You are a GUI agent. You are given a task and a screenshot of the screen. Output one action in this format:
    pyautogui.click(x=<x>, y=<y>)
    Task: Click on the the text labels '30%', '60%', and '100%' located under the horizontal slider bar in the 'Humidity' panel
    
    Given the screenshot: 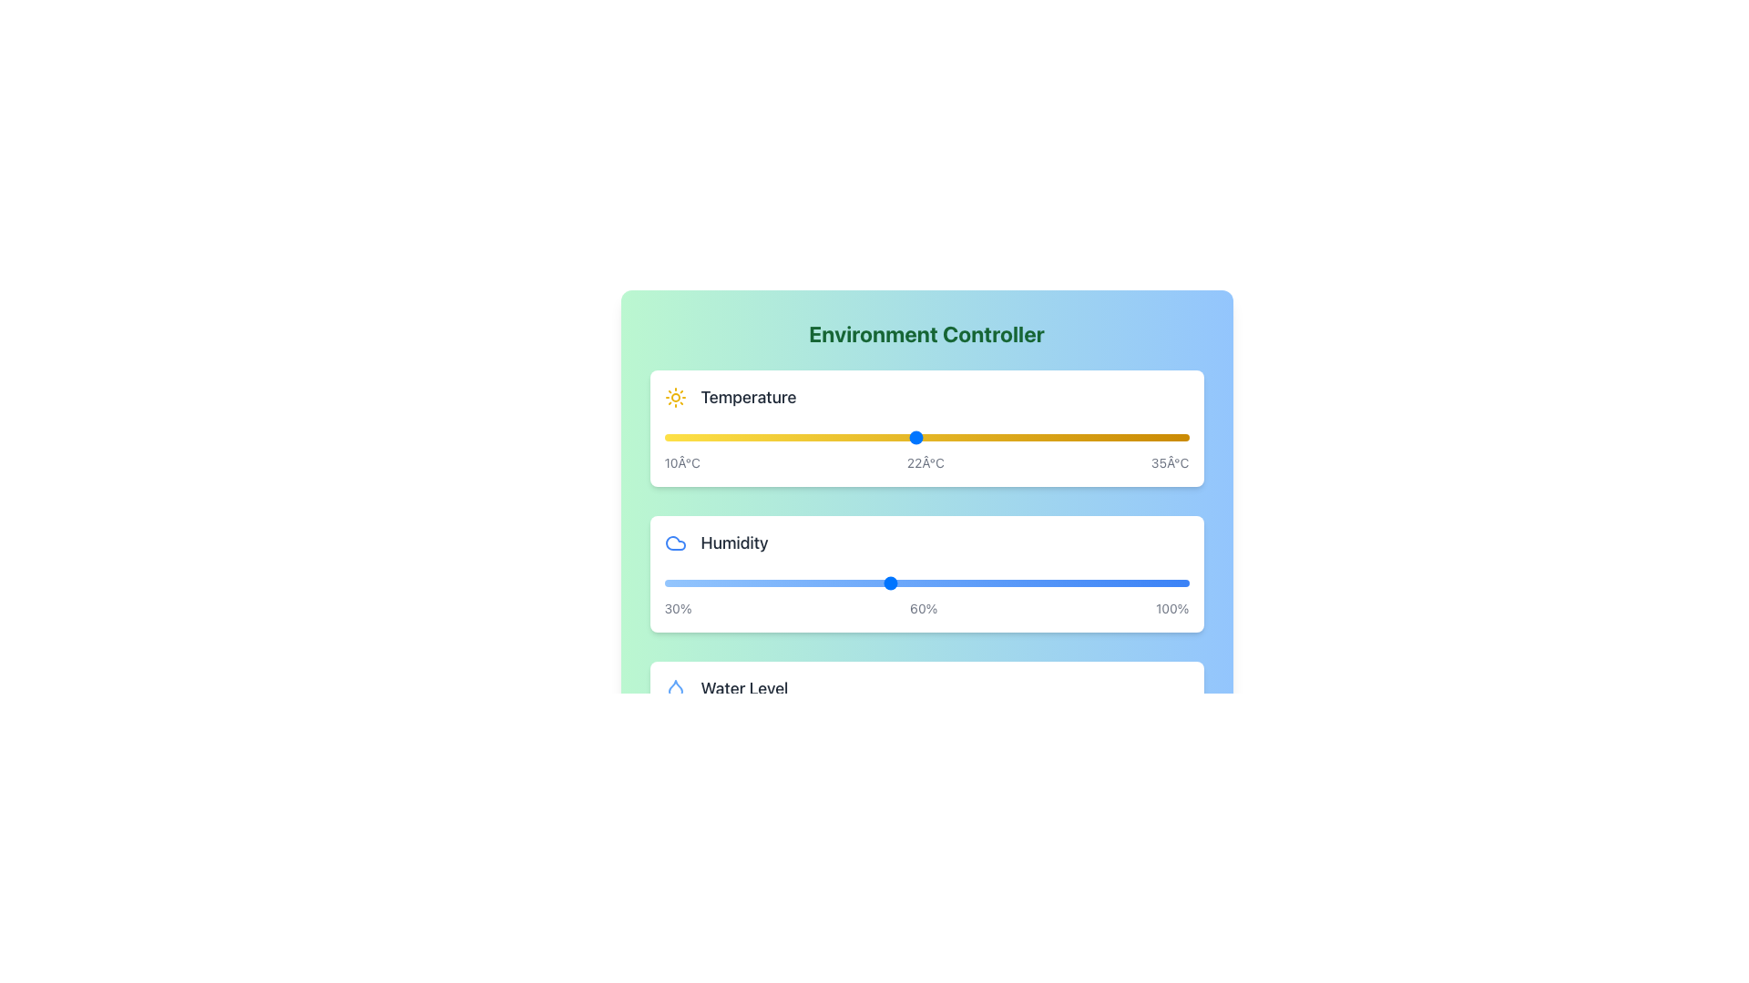 What is the action you would take?
    pyautogui.click(x=926, y=608)
    